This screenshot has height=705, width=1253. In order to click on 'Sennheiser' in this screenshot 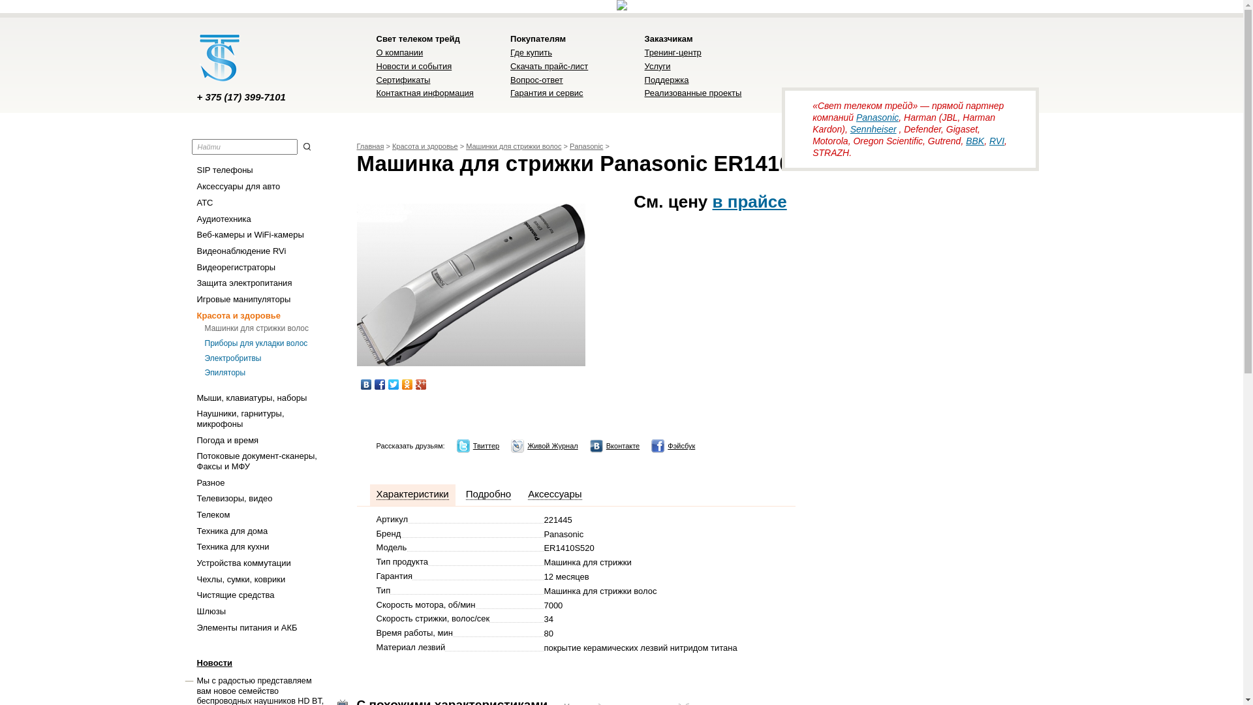, I will do `click(873, 129)`.